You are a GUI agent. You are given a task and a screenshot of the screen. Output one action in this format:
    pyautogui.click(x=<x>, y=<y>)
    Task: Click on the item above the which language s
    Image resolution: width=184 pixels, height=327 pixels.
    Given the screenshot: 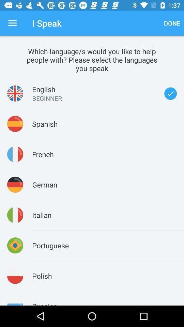 What is the action you would take?
    pyautogui.click(x=12, y=23)
    